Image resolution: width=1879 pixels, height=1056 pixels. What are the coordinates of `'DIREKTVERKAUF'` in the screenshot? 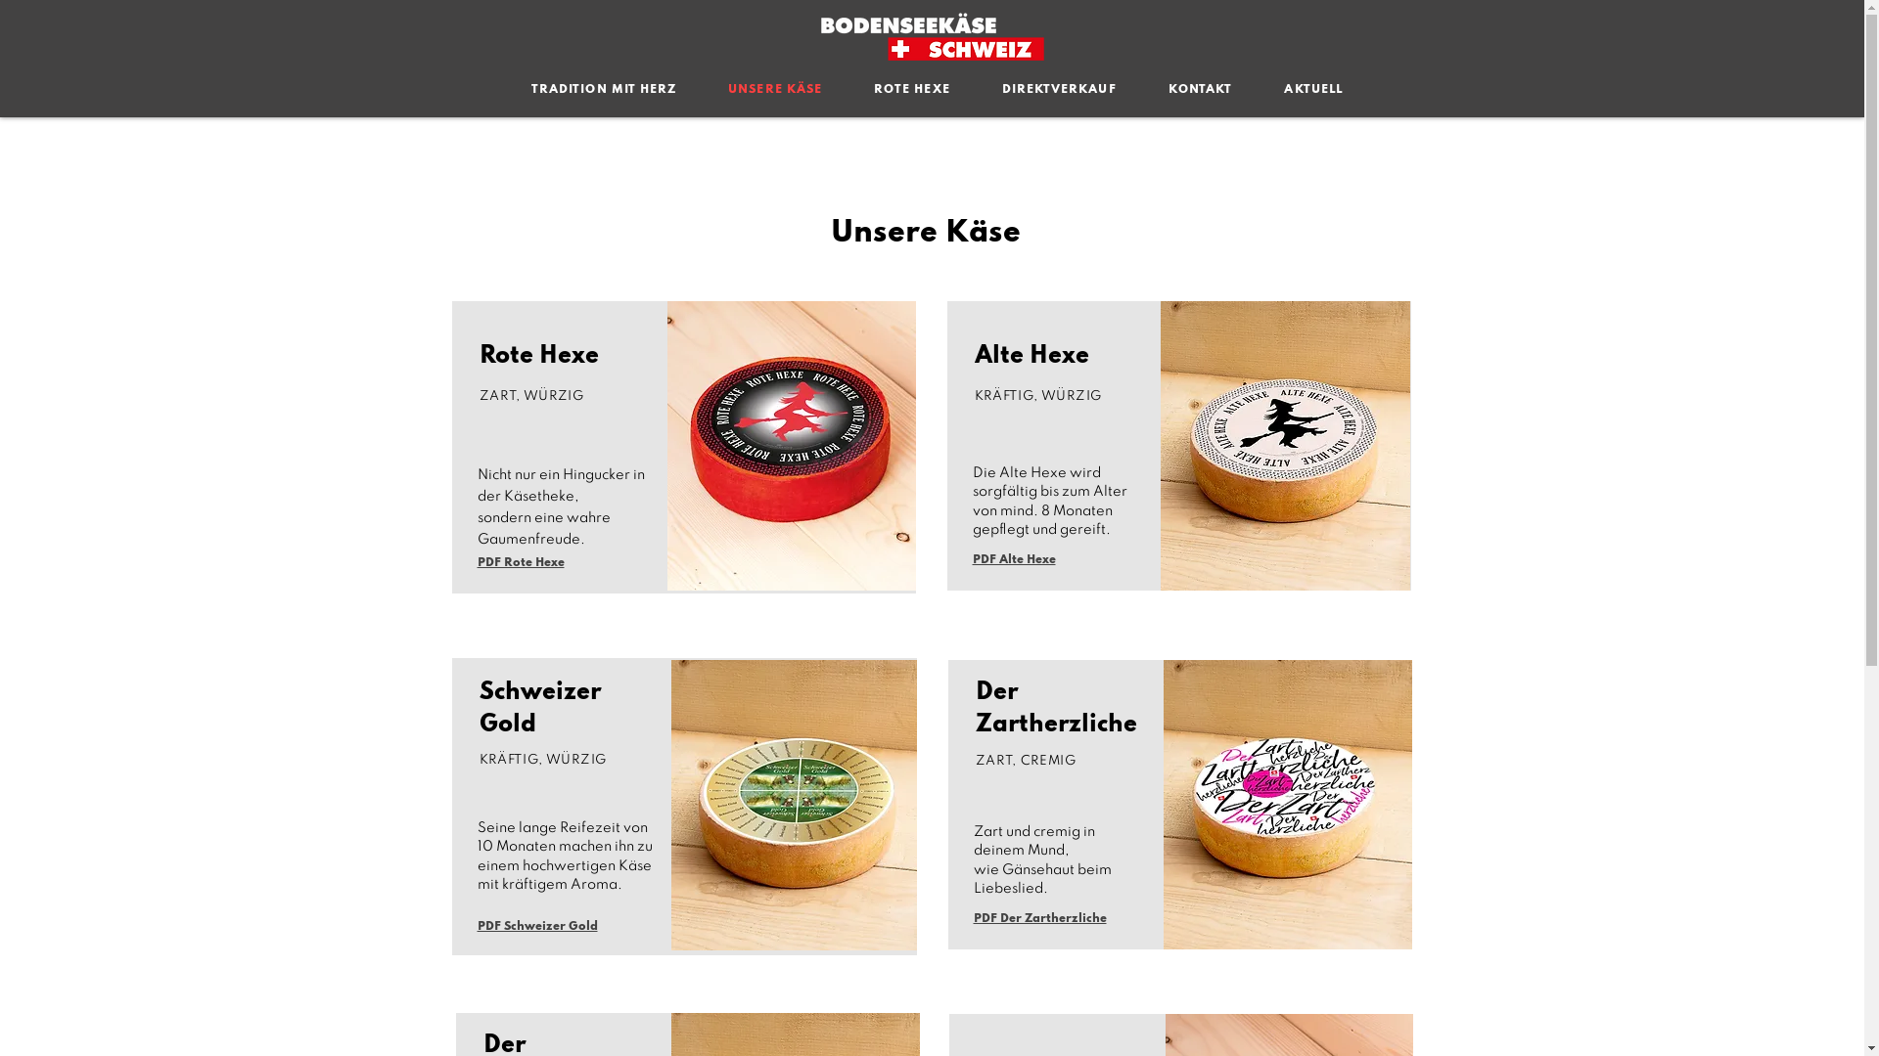 It's located at (1057, 90).